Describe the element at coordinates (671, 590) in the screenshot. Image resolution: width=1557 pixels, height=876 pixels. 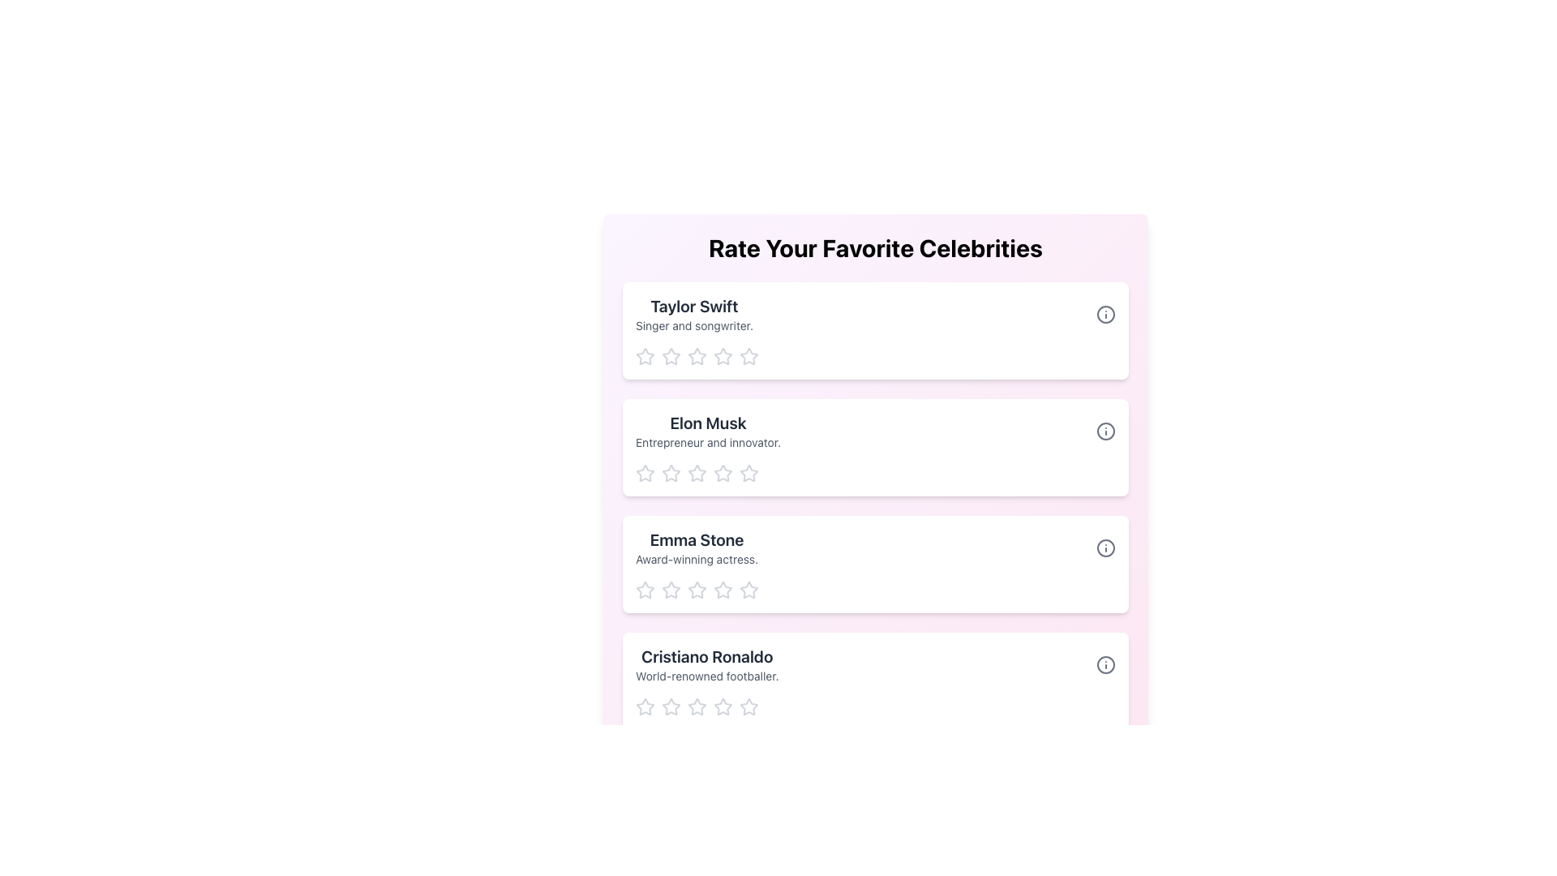
I see `the first star rating button under Emma Stone's section` at that location.